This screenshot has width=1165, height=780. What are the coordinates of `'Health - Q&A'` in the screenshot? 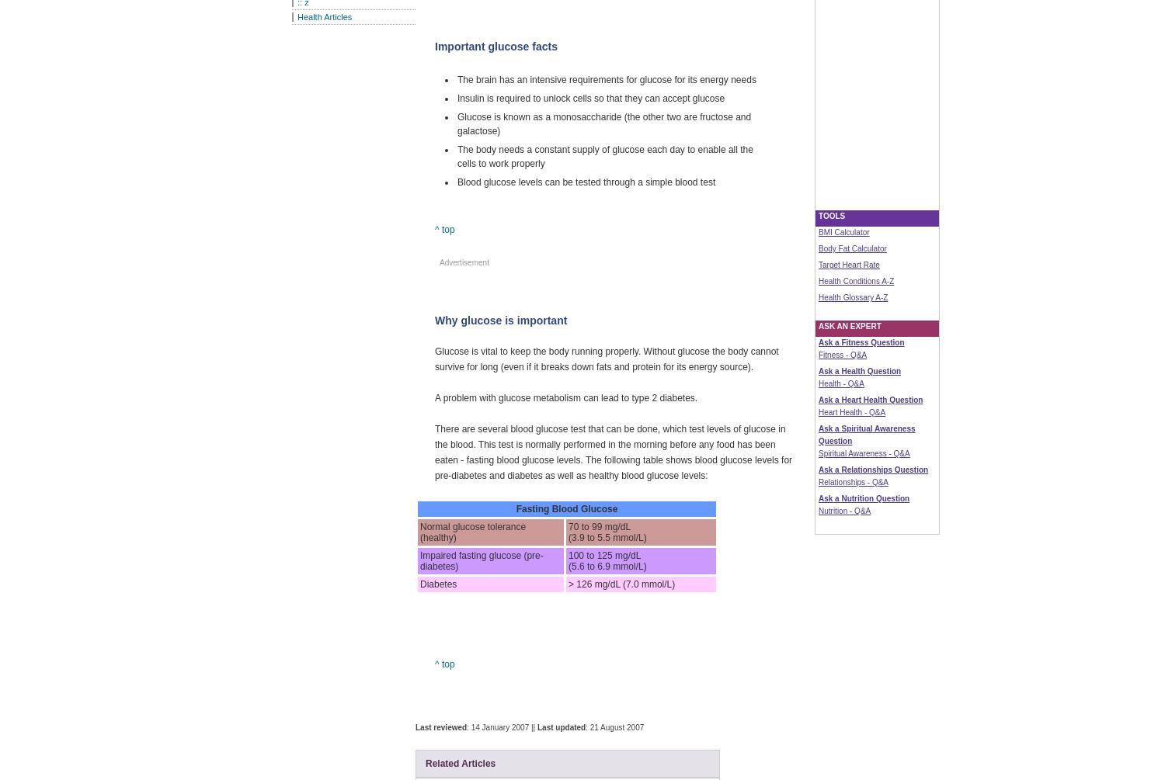 It's located at (840, 383).